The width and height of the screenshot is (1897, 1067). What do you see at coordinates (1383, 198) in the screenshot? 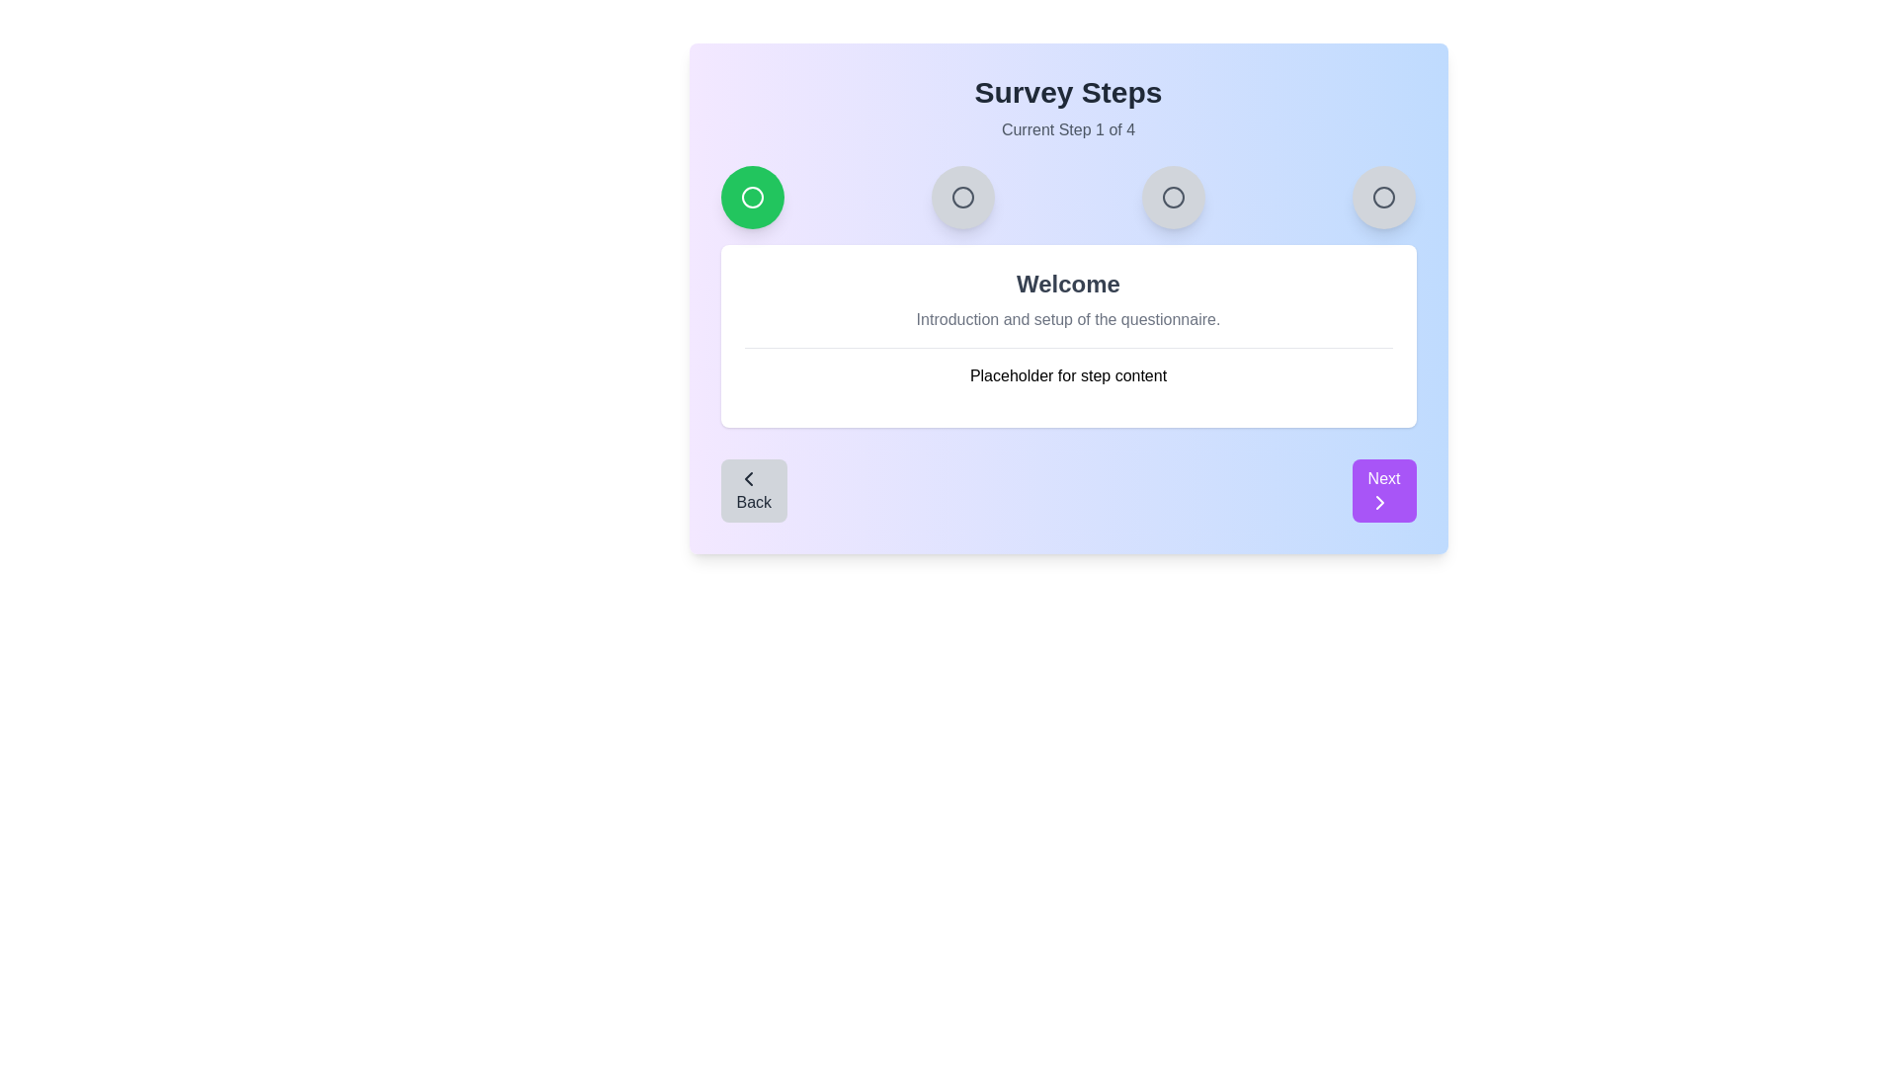
I see `the fourth step indicator, which is a circular button with a gray background and a smaller circle graphic inside, located at the right end of the row of step indicators` at bounding box center [1383, 198].